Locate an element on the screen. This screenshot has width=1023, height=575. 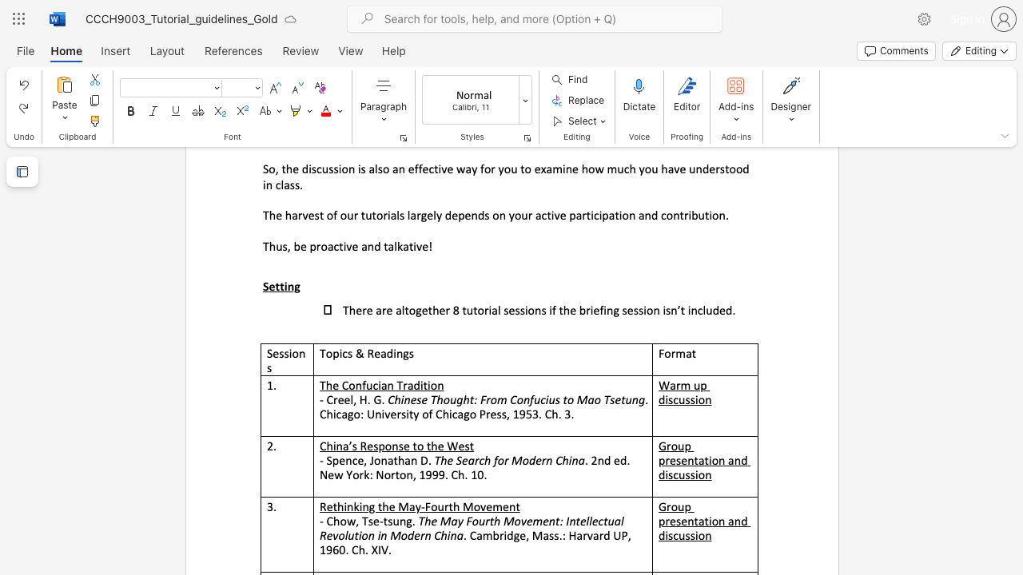
the subset text "d discussion" within the text "Group presentation and discussion" is located at coordinates (740, 521).